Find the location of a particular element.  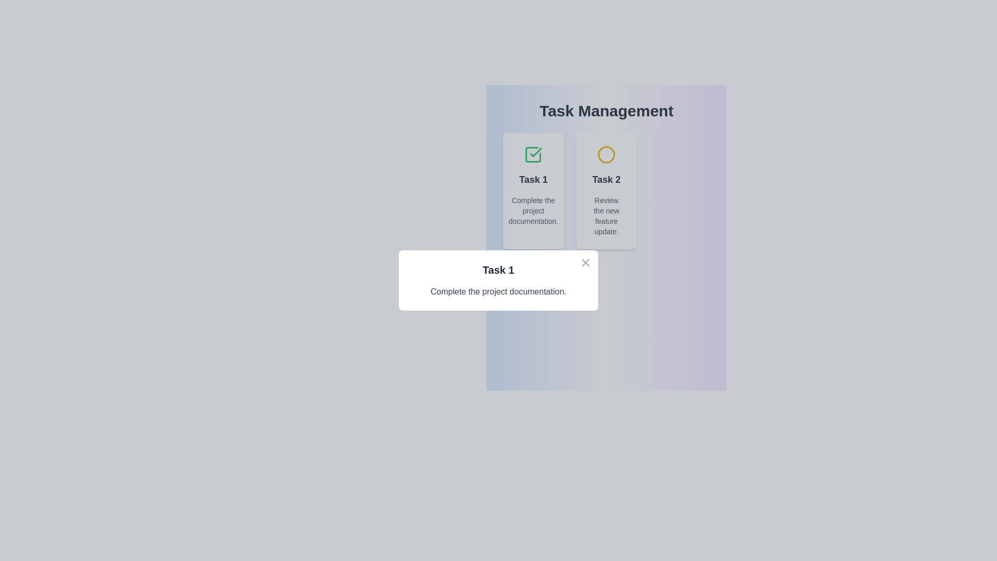

the interactive task card located in the upper-left corner of the task management interface is located at coordinates (533, 191).